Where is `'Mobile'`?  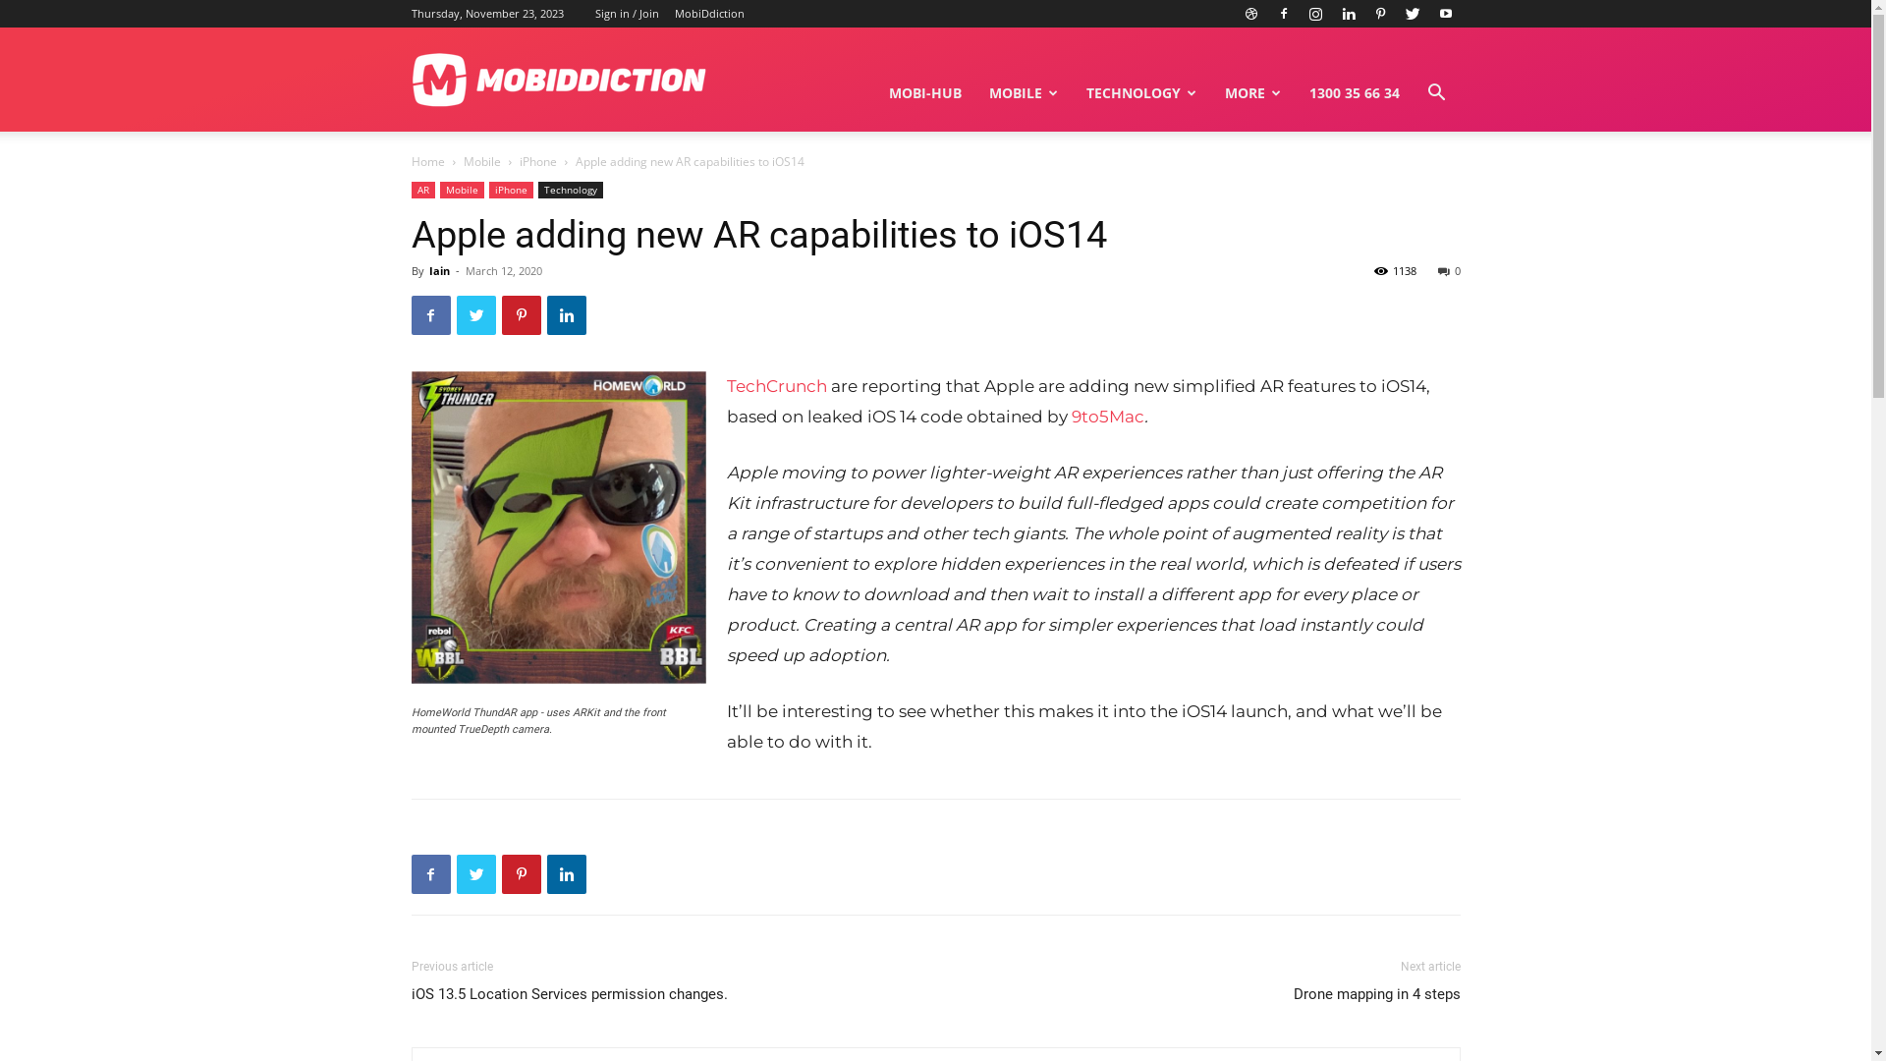
'Mobile' is located at coordinates (461, 190).